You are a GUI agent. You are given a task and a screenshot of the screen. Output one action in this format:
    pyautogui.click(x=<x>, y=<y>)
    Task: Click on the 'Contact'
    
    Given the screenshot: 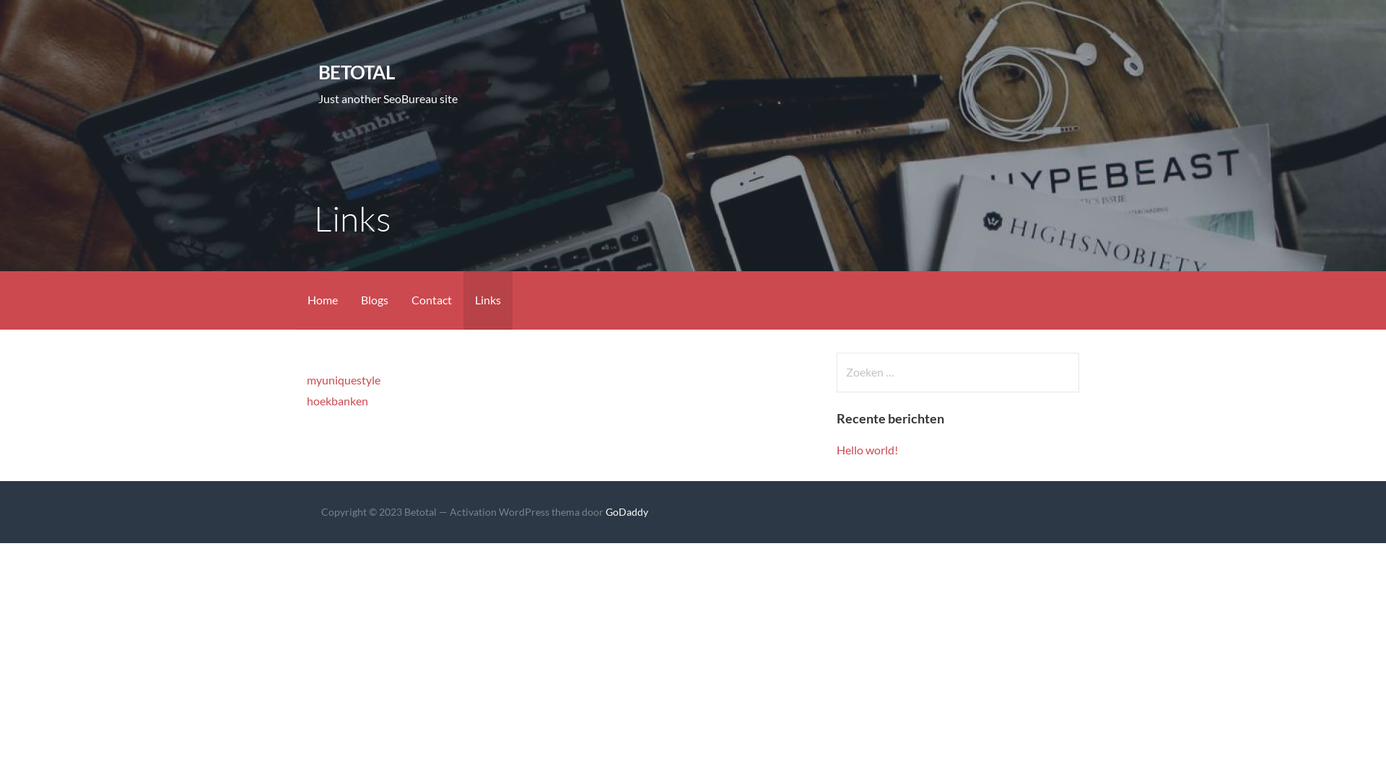 What is the action you would take?
    pyautogui.click(x=431, y=299)
    